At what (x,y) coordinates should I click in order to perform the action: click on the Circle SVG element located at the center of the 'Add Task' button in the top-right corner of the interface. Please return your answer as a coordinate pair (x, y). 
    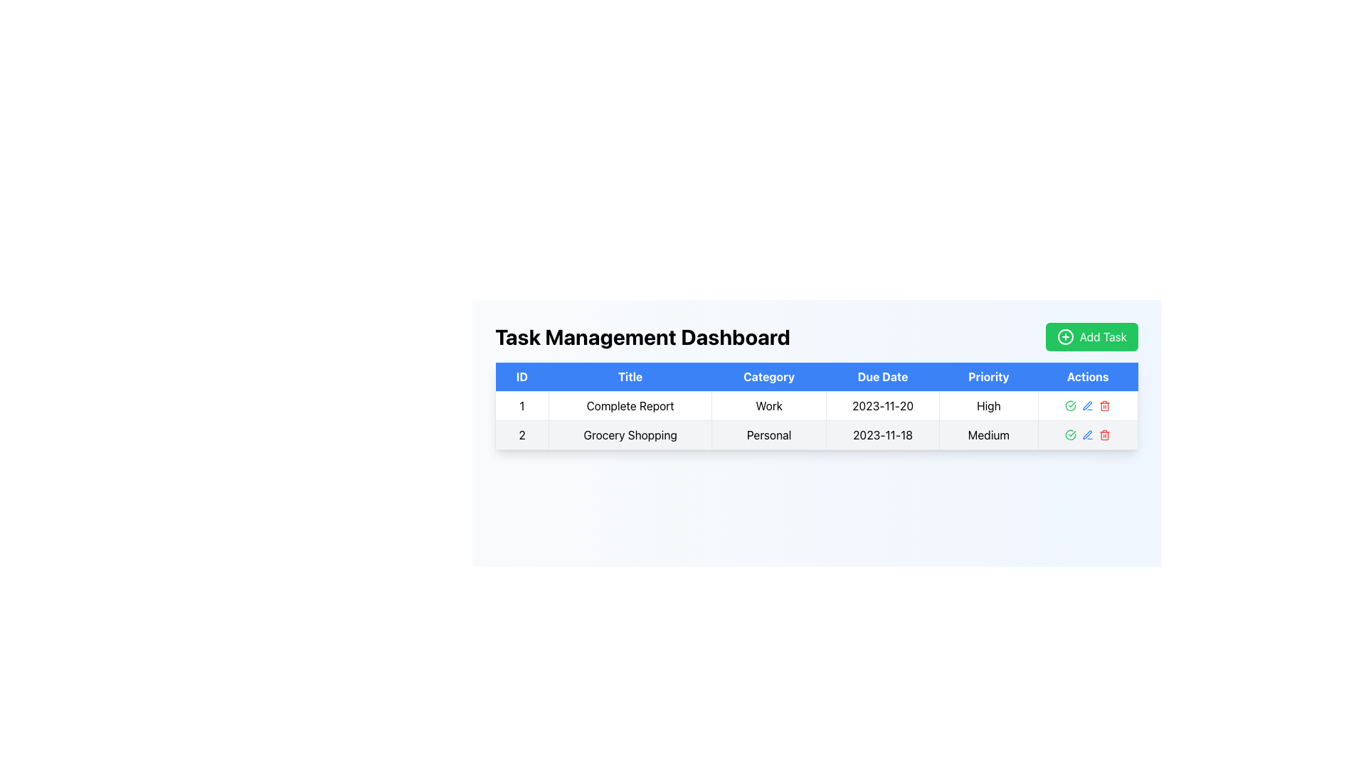
    Looking at the image, I should click on (1065, 337).